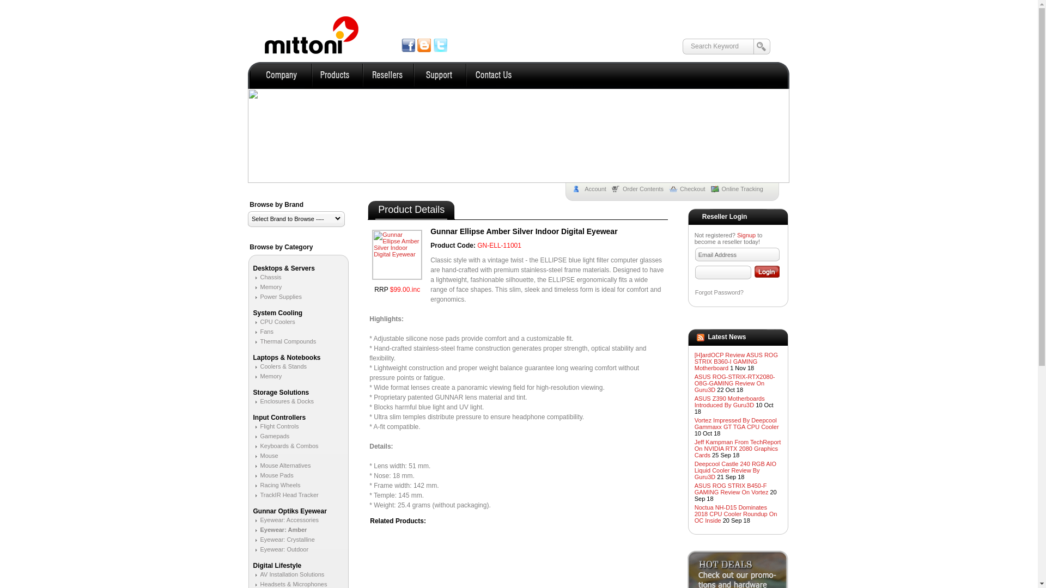  What do you see at coordinates (285, 495) in the screenshot?
I see `'TrackIR Head Tracker'` at bounding box center [285, 495].